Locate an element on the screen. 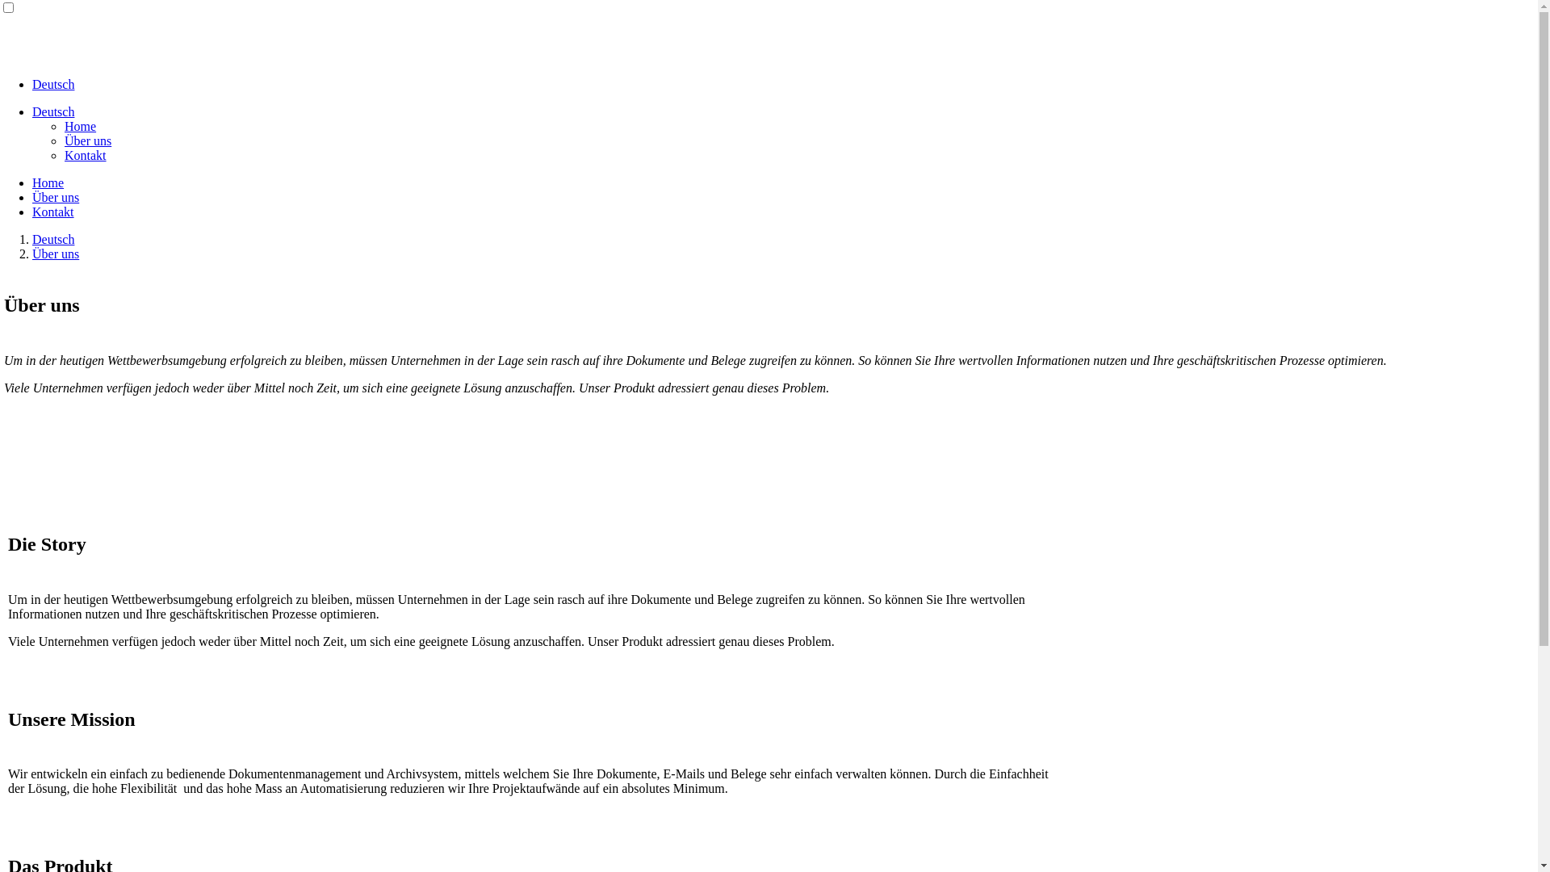 This screenshot has height=872, width=1550. 'Deutsch' is located at coordinates (31, 239).